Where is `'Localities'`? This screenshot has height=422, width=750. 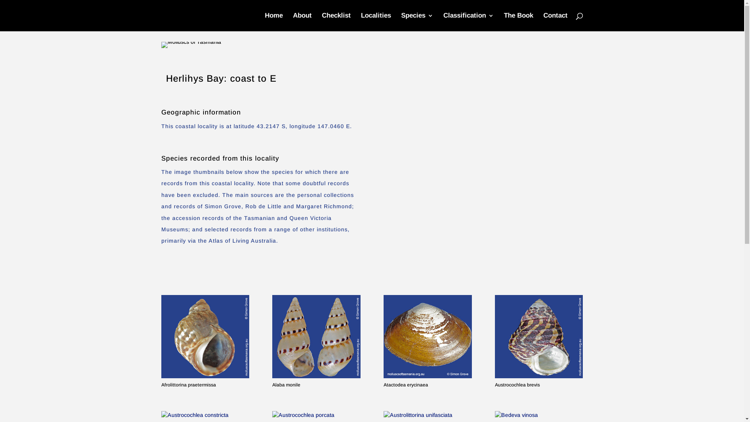
'Localities' is located at coordinates (376, 21).